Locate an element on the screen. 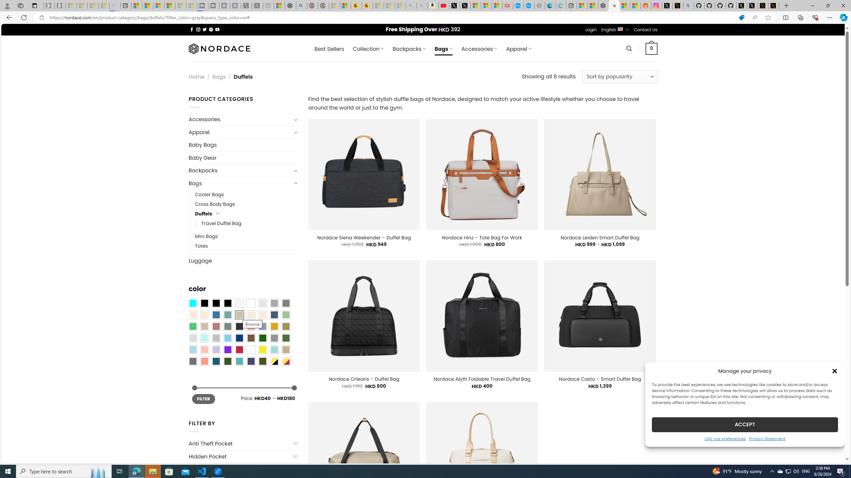  'Mini Bags' is located at coordinates (246, 236).